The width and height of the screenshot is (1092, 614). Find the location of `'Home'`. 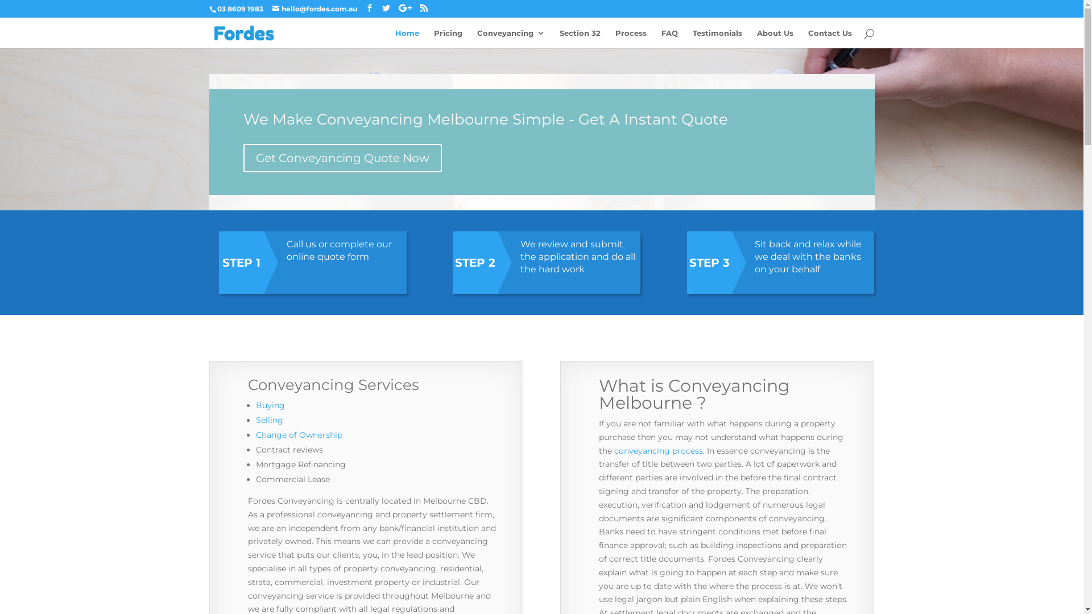

'Home' is located at coordinates (395, 38).